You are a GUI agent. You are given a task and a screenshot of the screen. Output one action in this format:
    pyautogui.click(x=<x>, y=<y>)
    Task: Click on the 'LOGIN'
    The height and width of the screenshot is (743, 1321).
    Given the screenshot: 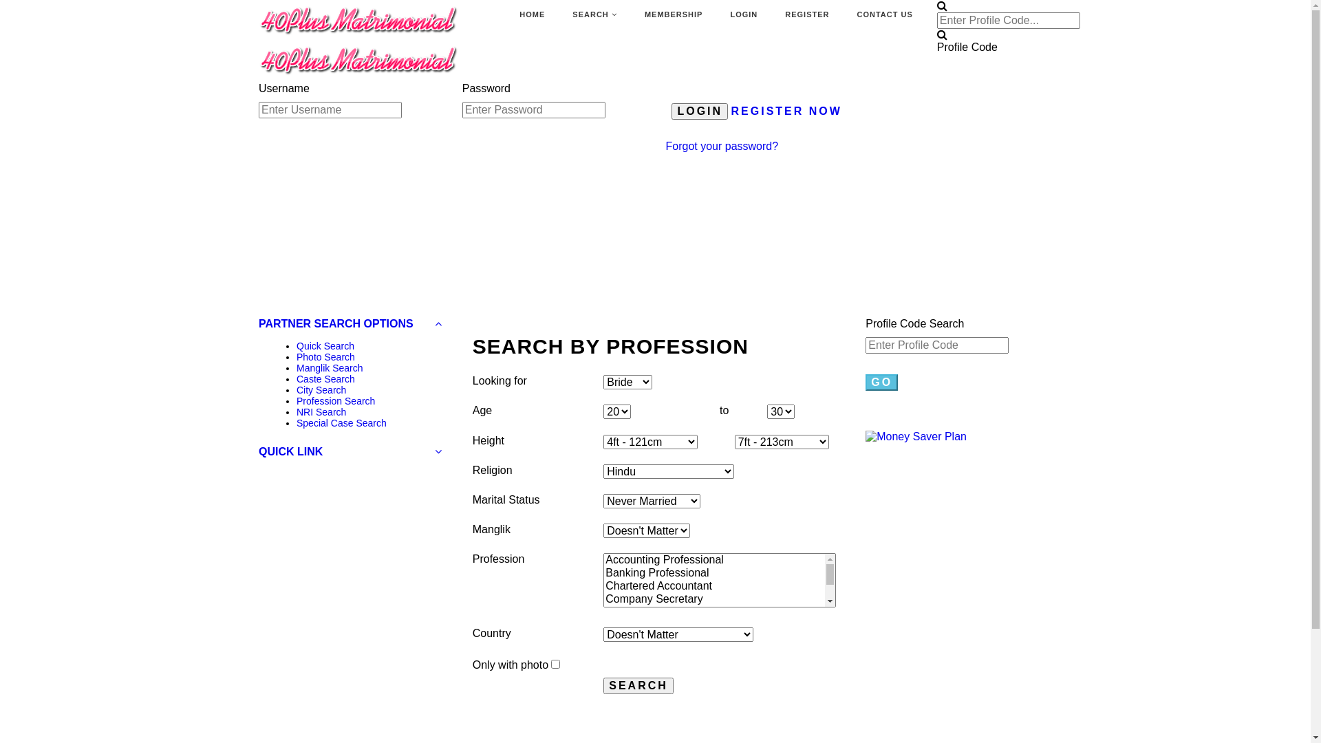 What is the action you would take?
    pyautogui.click(x=742, y=15)
    